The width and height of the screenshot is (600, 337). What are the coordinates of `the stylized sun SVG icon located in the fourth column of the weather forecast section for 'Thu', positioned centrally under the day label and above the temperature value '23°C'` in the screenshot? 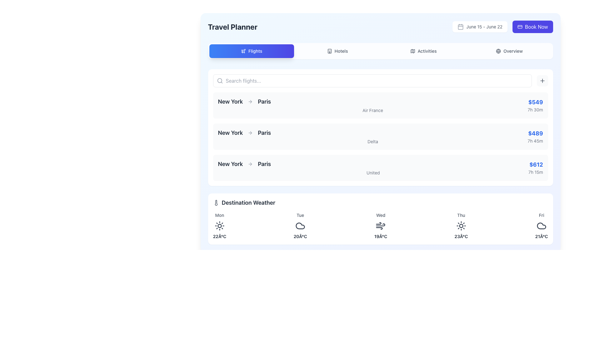 It's located at (461, 226).